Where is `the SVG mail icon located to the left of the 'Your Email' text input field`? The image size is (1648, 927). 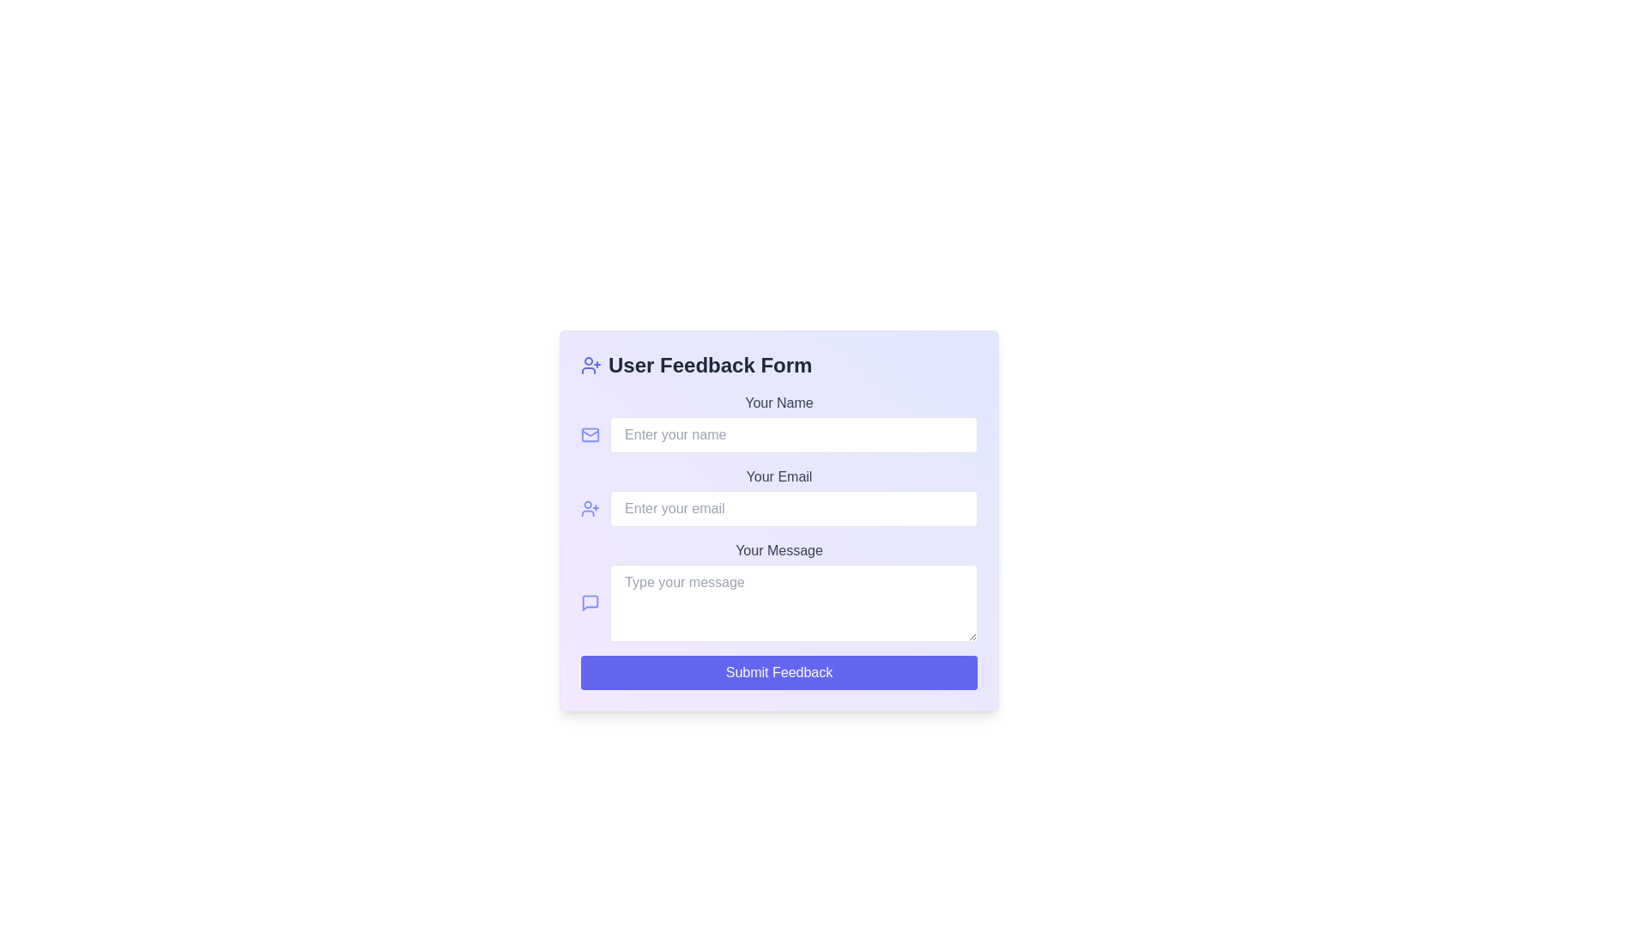
the SVG mail icon located to the left of the 'Your Email' text input field is located at coordinates (591, 433).